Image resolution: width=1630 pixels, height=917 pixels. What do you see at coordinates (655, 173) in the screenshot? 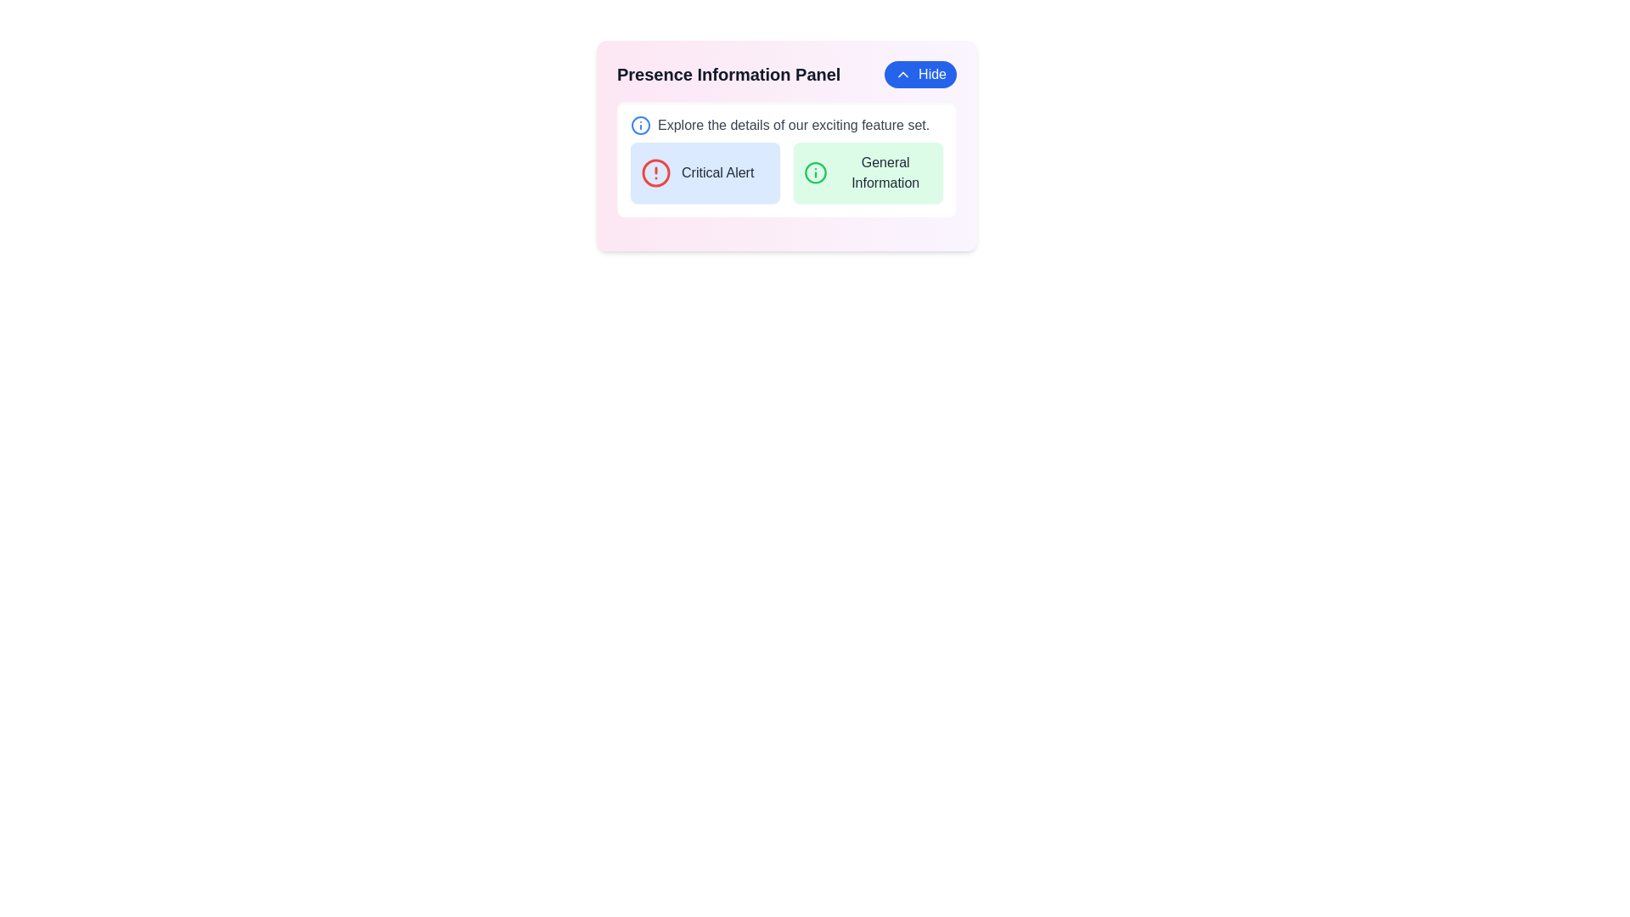
I see `the warning icon that signals a critical alert, located to the left of the 'Critical Alert' text within a blue background panel in the 'Presence Information Panel'` at bounding box center [655, 173].